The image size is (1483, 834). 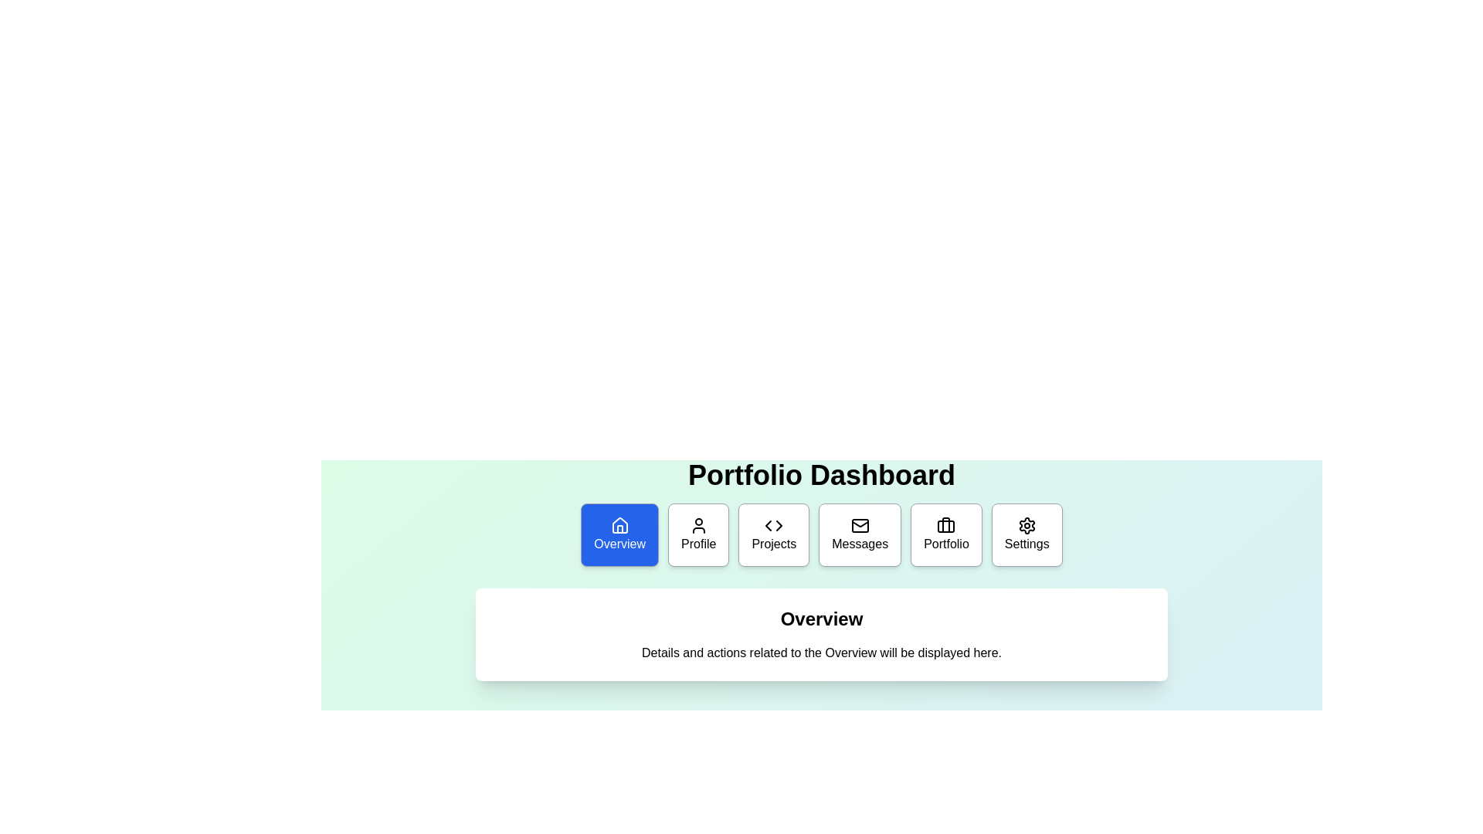 What do you see at coordinates (945, 526) in the screenshot?
I see `the portfolio icon by clicking on the graphical element representing the briefcase in the navigation menu` at bounding box center [945, 526].